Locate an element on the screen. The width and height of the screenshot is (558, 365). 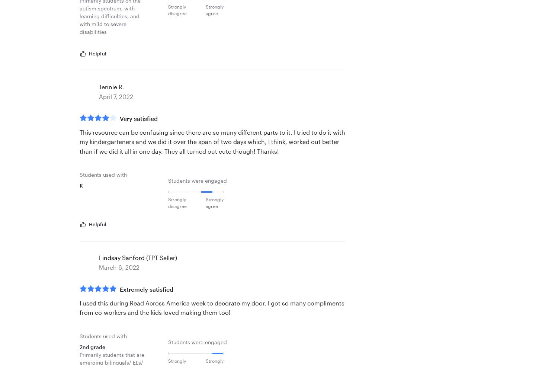
'K' is located at coordinates (79, 185).